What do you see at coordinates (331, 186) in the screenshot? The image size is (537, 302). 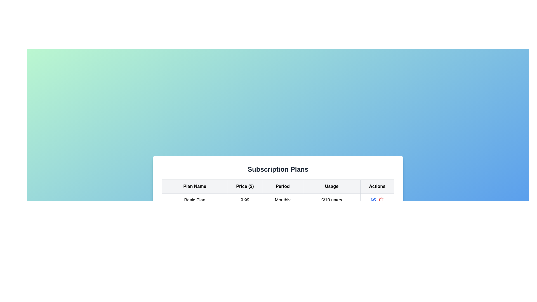 I see `the 'Usage' table header, which is the fourth column header in a five-column table, located near the top center of the table structure` at bounding box center [331, 186].